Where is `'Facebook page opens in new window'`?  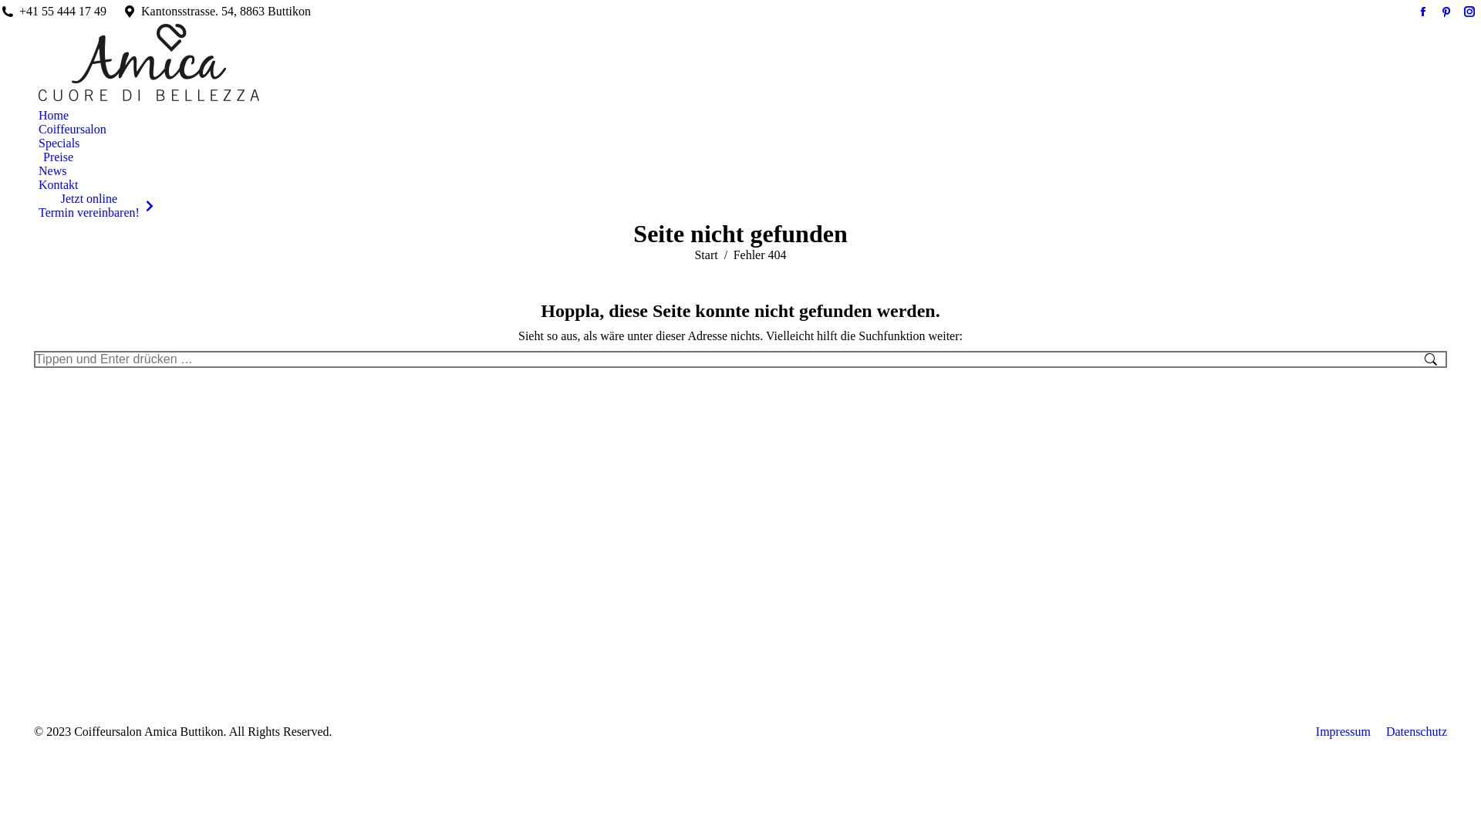 'Facebook page opens in new window' is located at coordinates (1422, 12).